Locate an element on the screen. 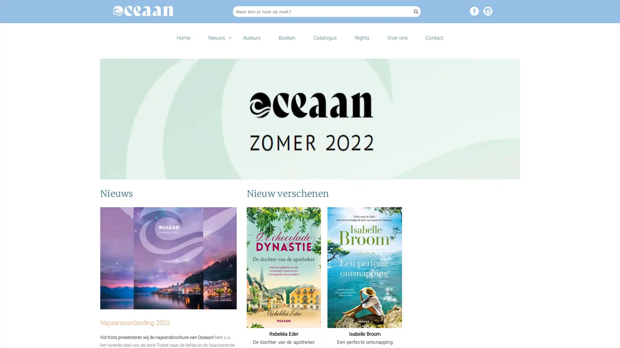 The width and height of the screenshot is (620, 348). Zoeken is located at coordinates (416, 11).